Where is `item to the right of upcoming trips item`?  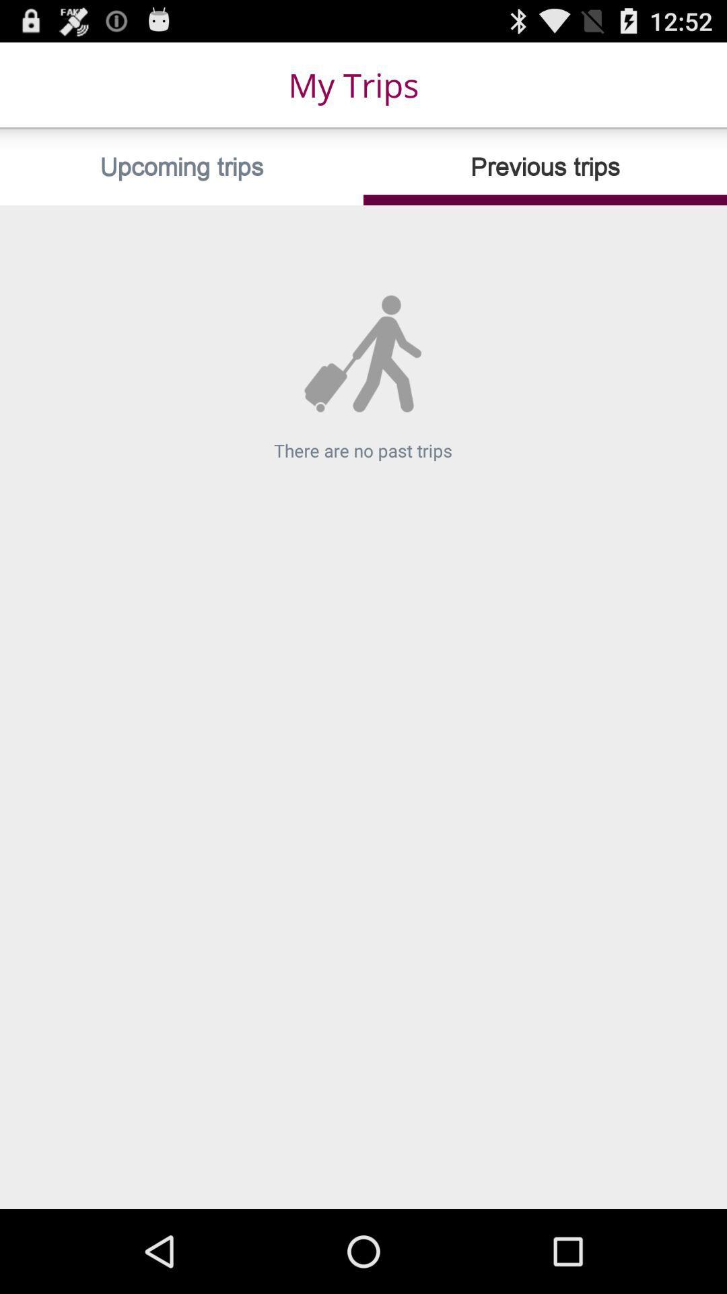
item to the right of upcoming trips item is located at coordinates (545, 166).